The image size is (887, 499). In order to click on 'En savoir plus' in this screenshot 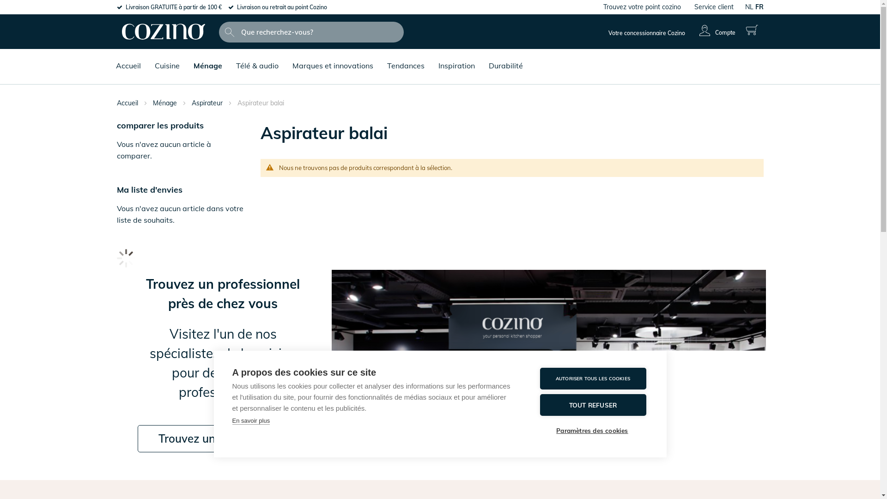, I will do `click(232, 420)`.